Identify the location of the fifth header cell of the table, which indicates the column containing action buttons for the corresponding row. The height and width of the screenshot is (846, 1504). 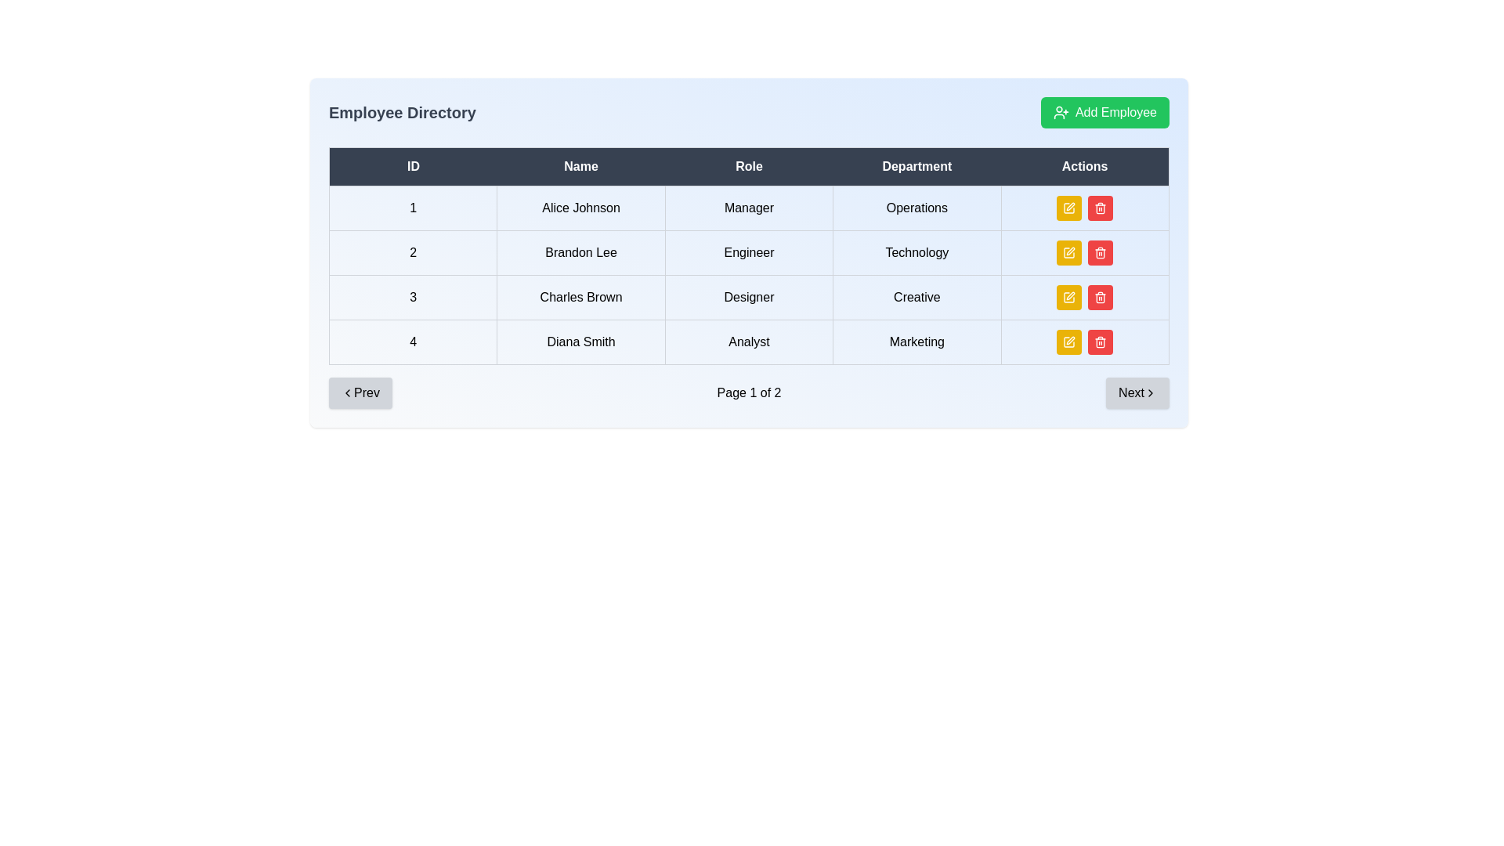
(1084, 166).